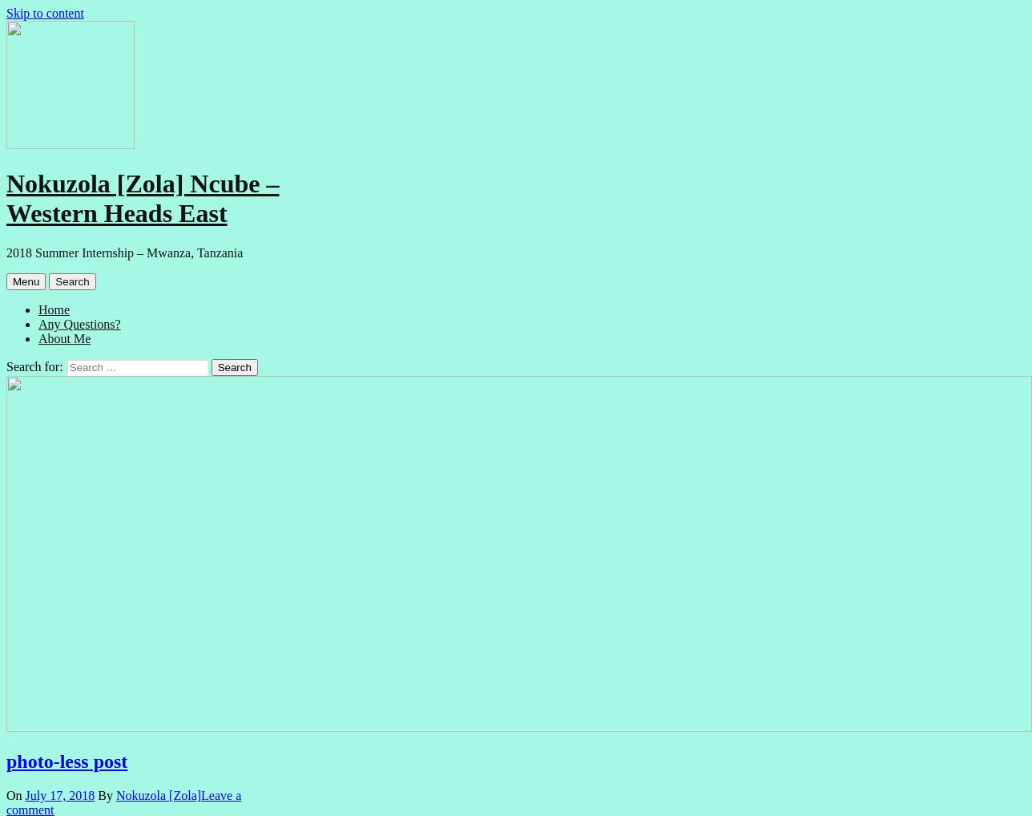 The width and height of the screenshot is (1032, 816). What do you see at coordinates (124, 251) in the screenshot?
I see `'2018 Summer Internship – Mwanza, Tanzania'` at bounding box center [124, 251].